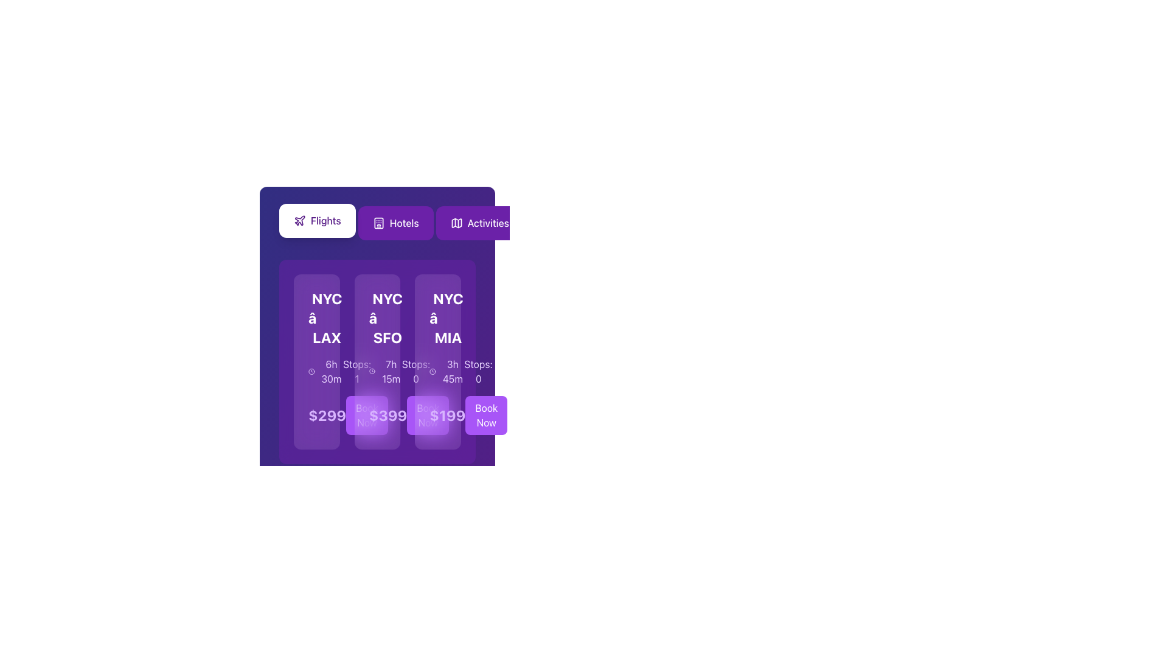 This screenshot has height=657, width=1168. I want to click on the minimalist map-shaped icon located in the Activities button of the navigation menu at the top-right corner of the interface, so click(456, 223).